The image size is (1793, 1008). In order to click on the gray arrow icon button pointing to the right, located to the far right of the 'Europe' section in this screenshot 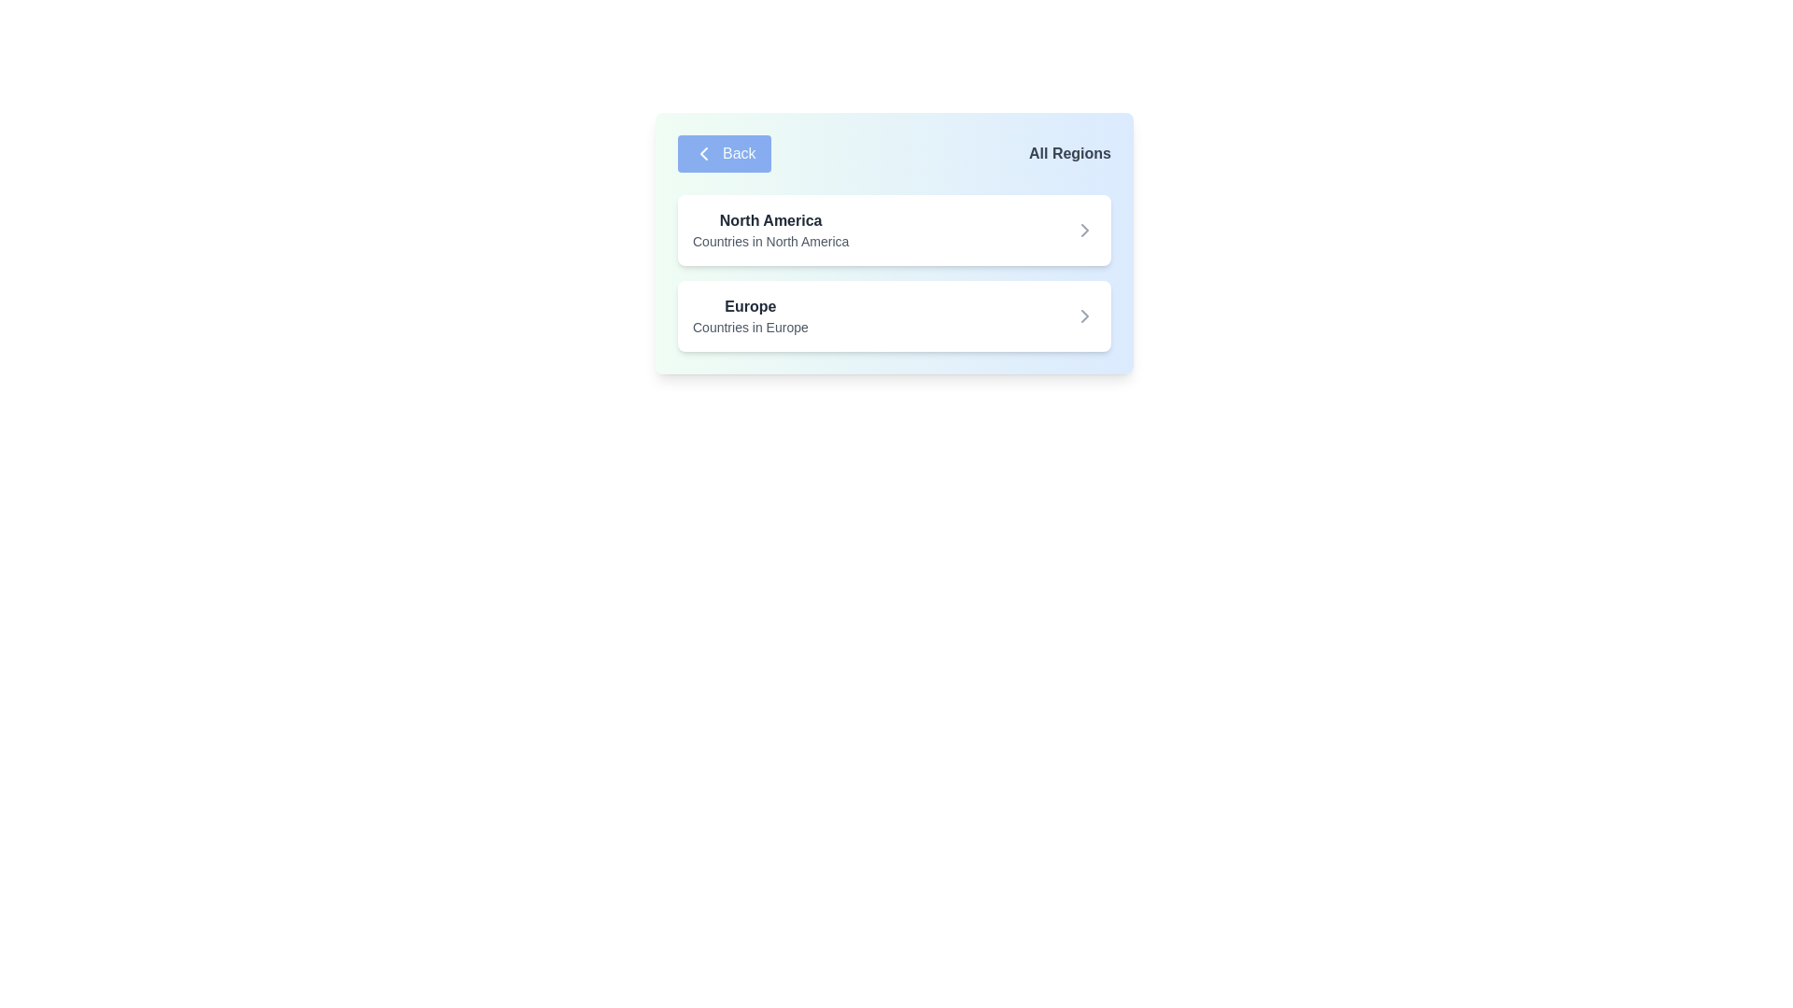, I will do `click(1084, 315)`.